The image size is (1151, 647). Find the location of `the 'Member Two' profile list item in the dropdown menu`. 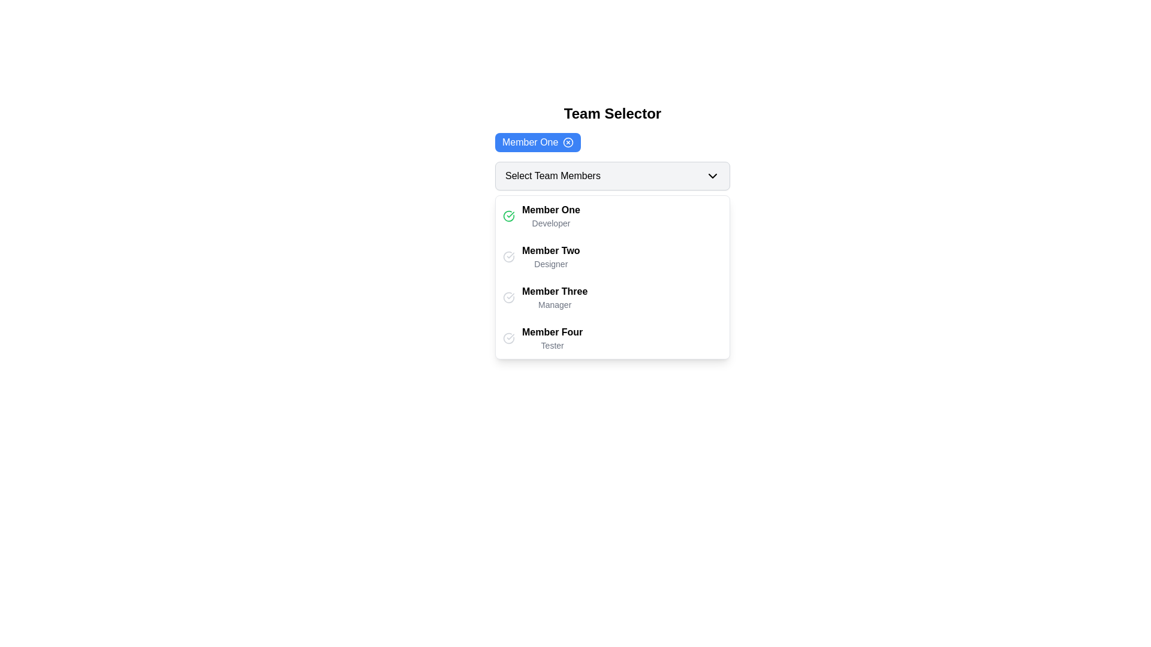

the 'Member Two' profile list item in the dropdown menu is located at coordinates (613, 256).